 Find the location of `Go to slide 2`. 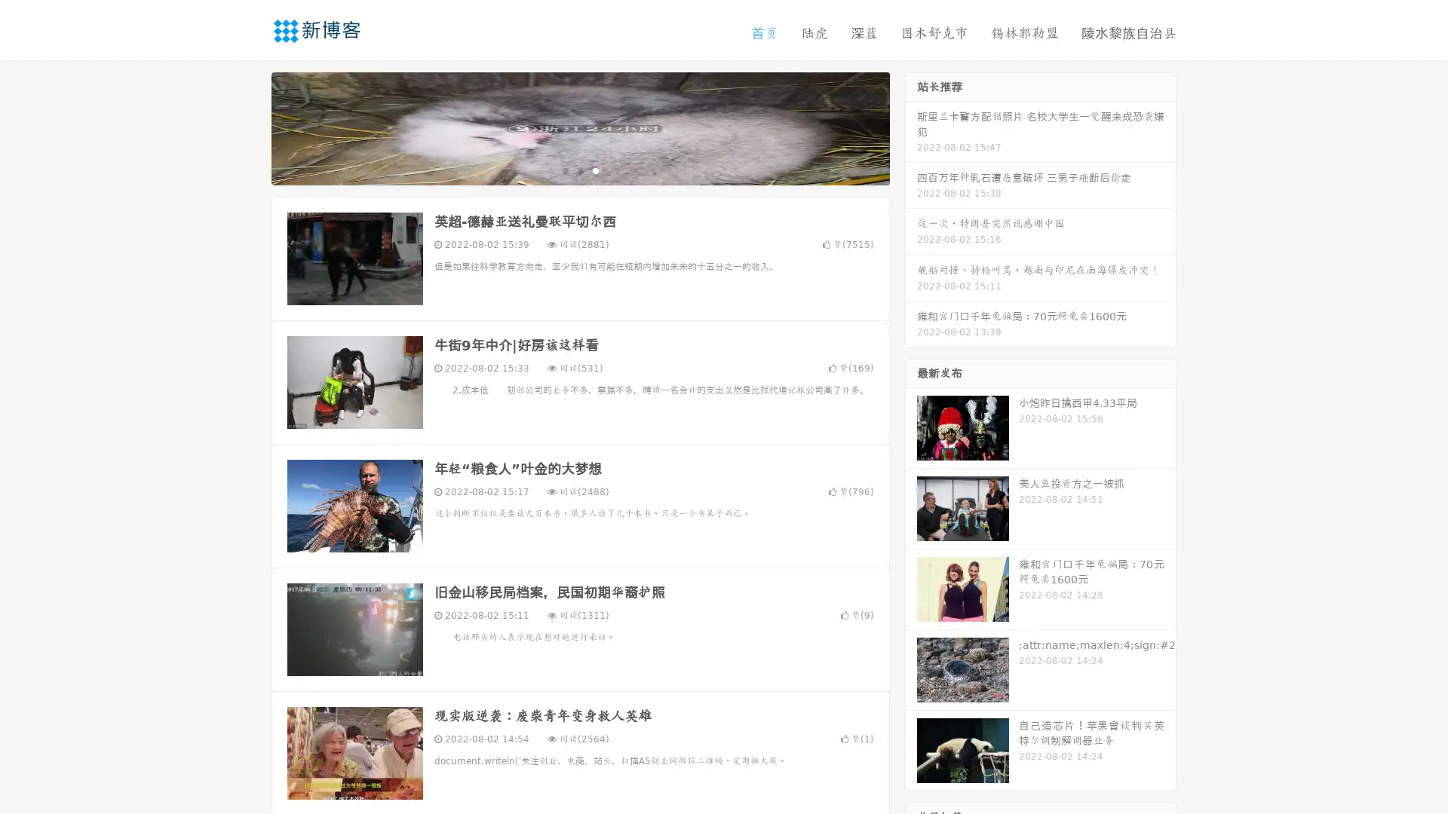

Go to slide 2 is located at coordinates (579, 170).